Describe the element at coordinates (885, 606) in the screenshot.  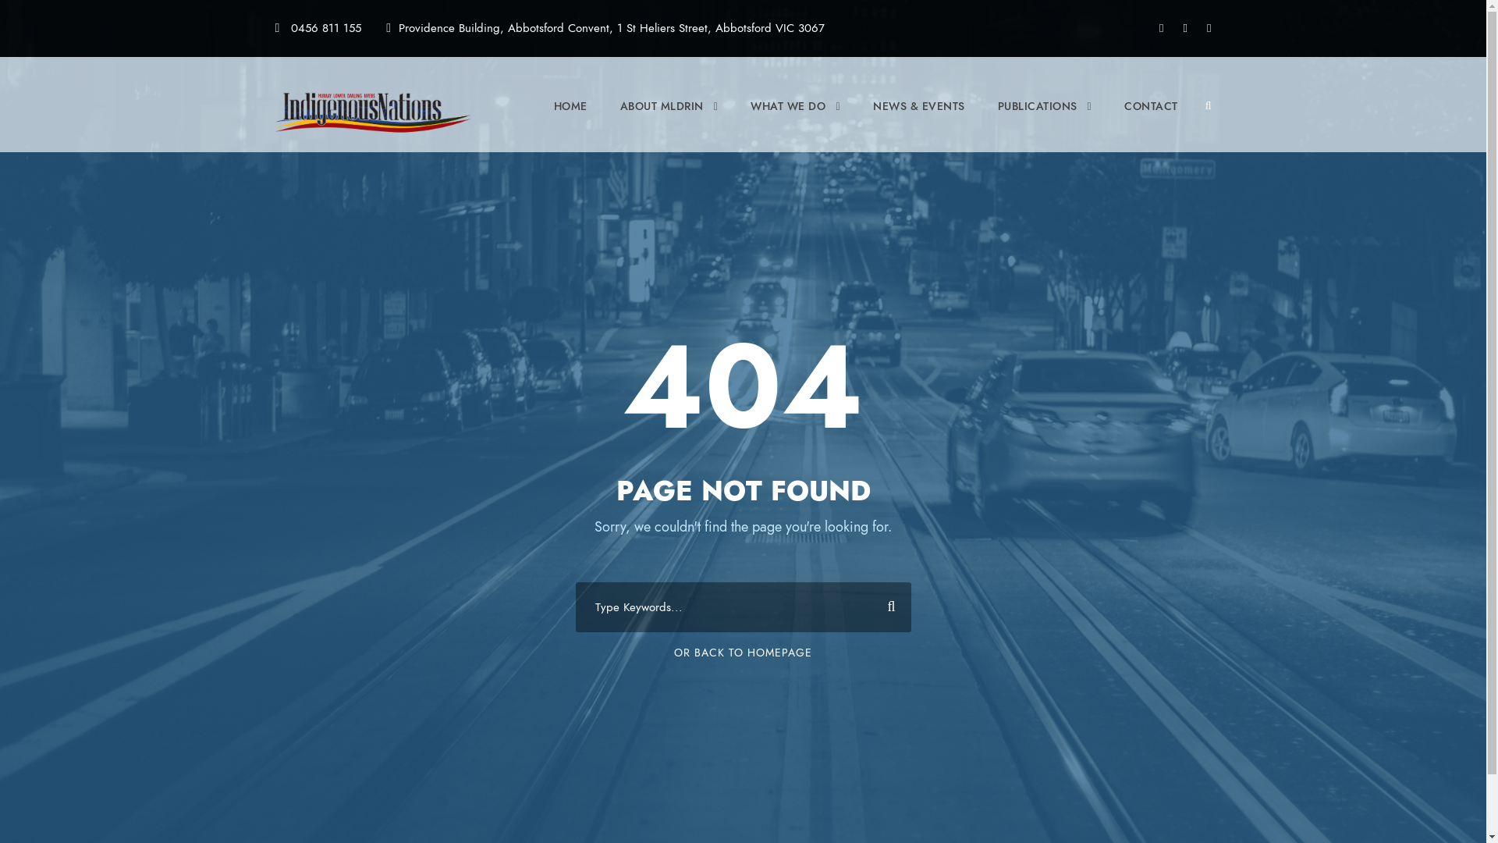
I see `'Search'` at that location.